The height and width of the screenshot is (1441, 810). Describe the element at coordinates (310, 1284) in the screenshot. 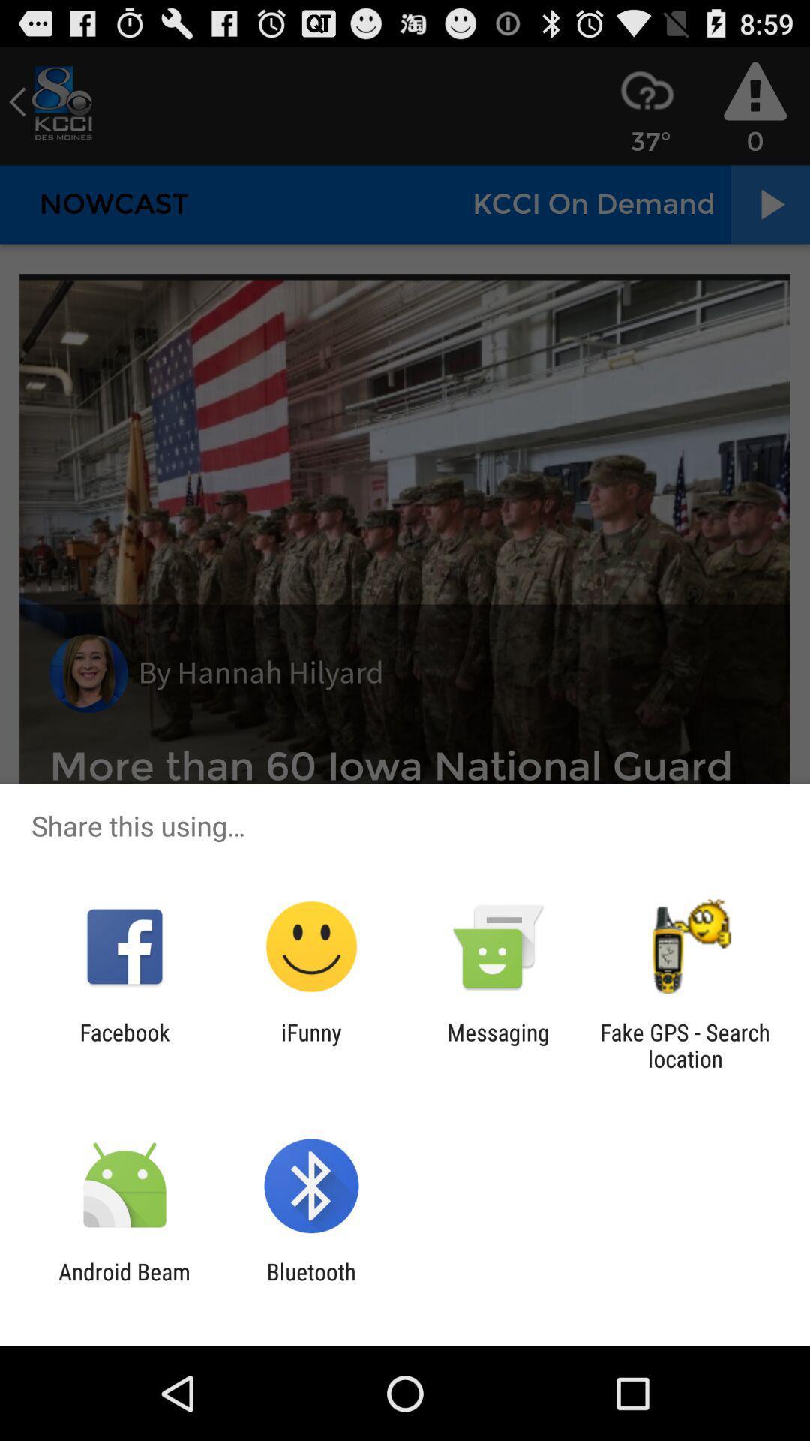

I see `bluetooth item` at that location.